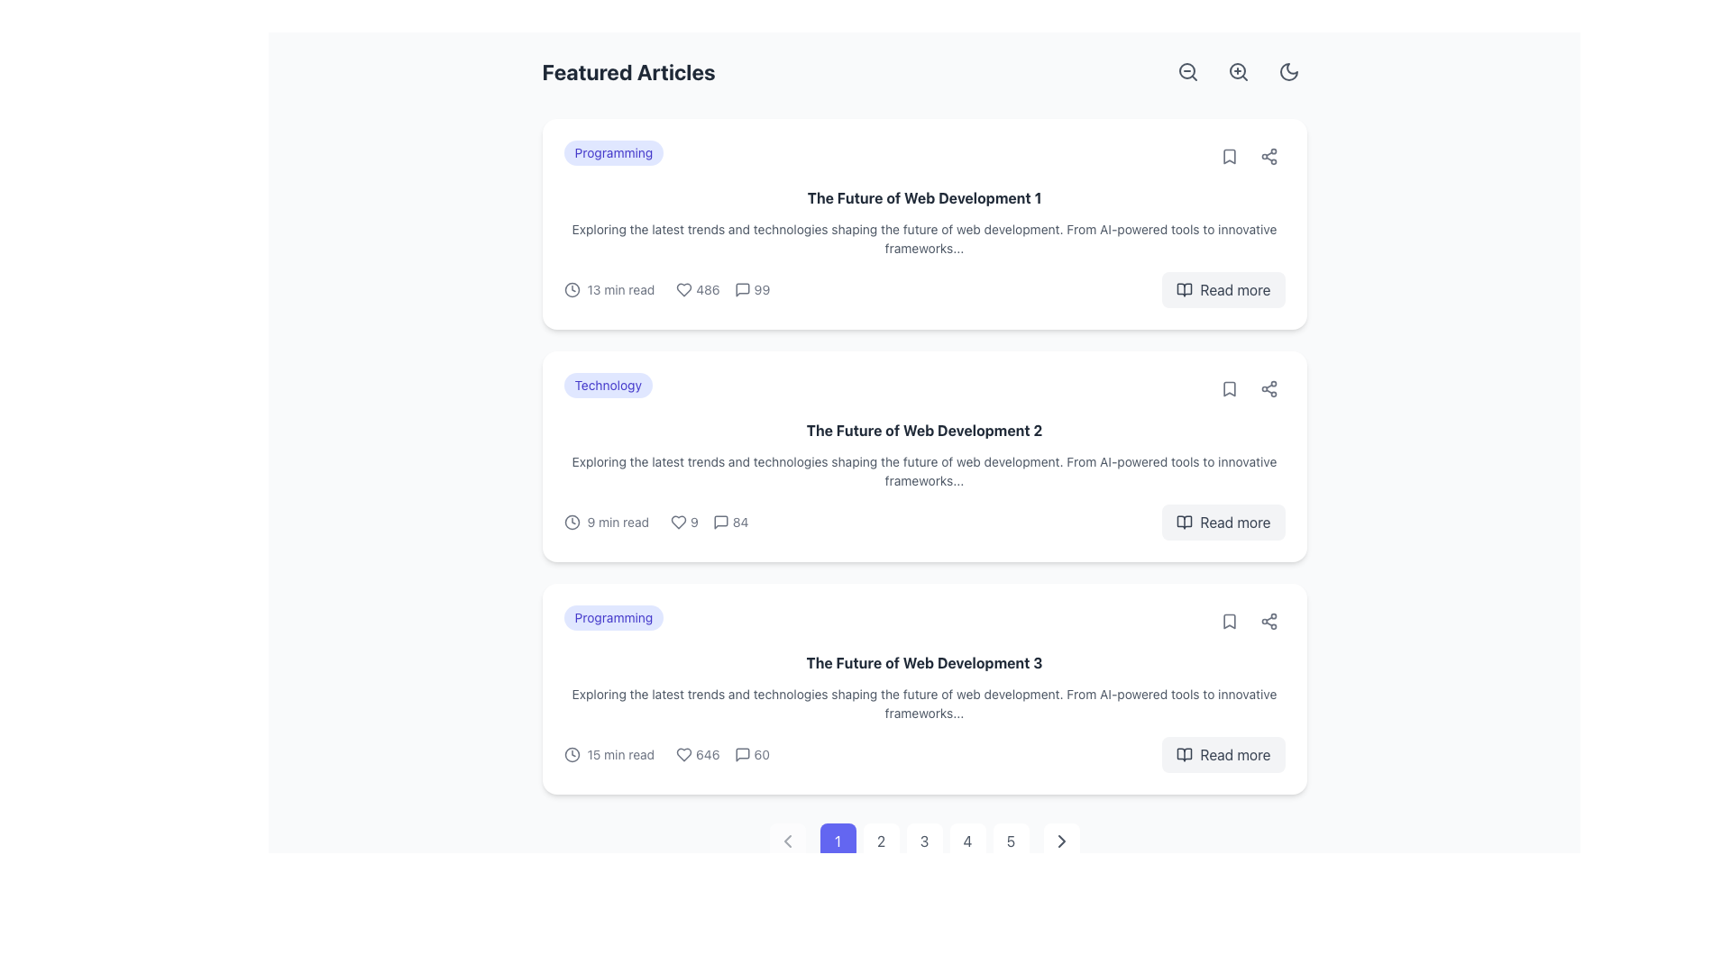  What do you see at coordinates (609, 754) in the screenshot?
I see `estimated reading time text displayed in the Icon-text label located in the bottom section of the third article in the 'Featured Articles' section` at bounding box center [609, 754].